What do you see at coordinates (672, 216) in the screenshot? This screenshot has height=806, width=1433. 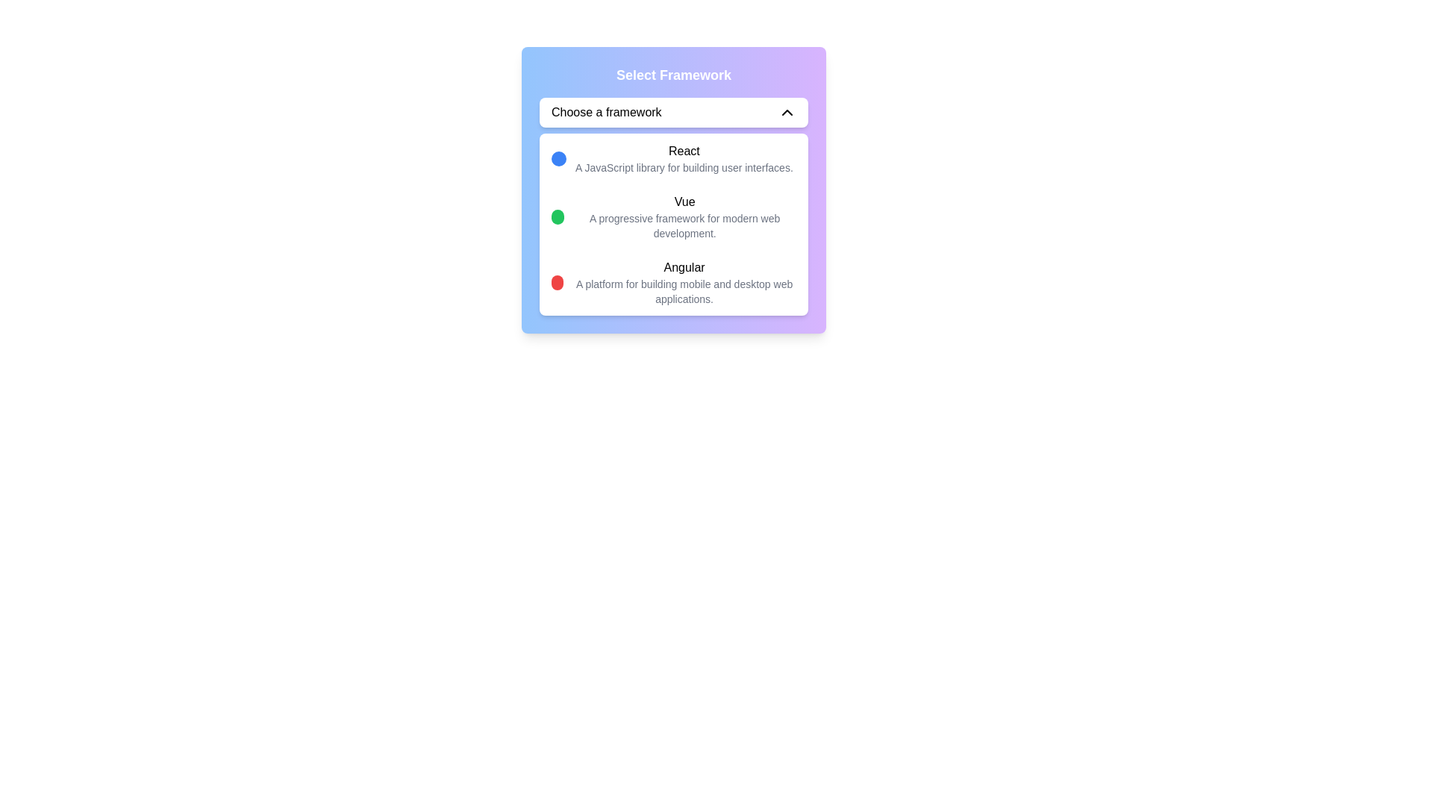 I see `the list item representing the 'Vue' framework option` at bounding box center [672, 216].